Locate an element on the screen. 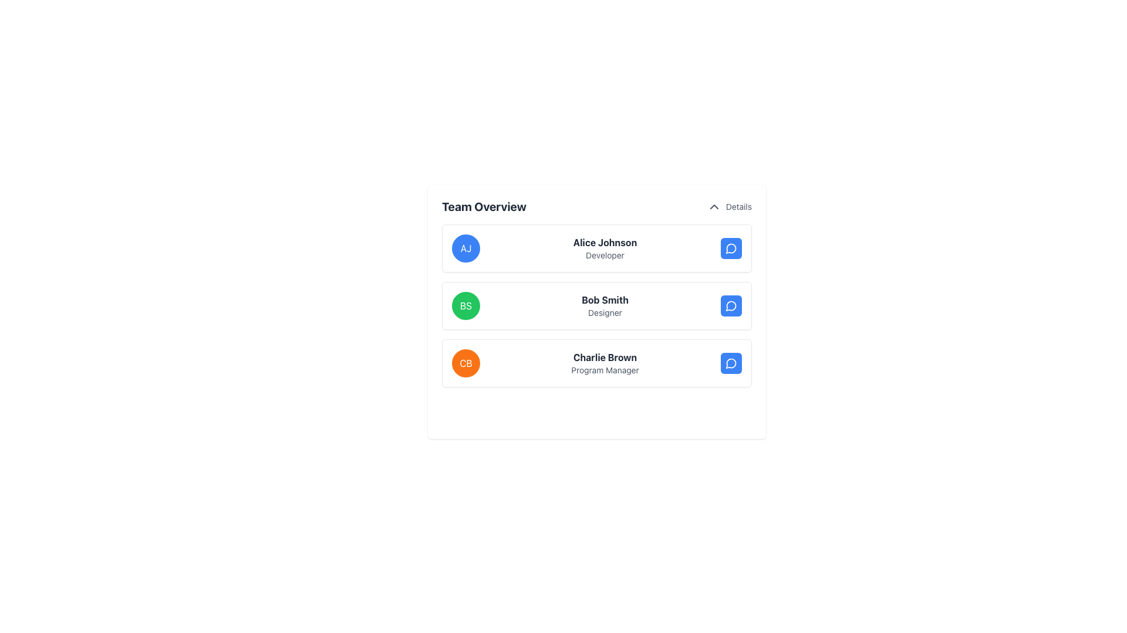 Image resolution: width=1127 pixels, height=633 pixels. text displayed in the Text Display element that shows the name and role of the team member (Alice Johnson, Developer) located to the right of the circular badge labeled 'AJ' is located at coordinates (605, 248).